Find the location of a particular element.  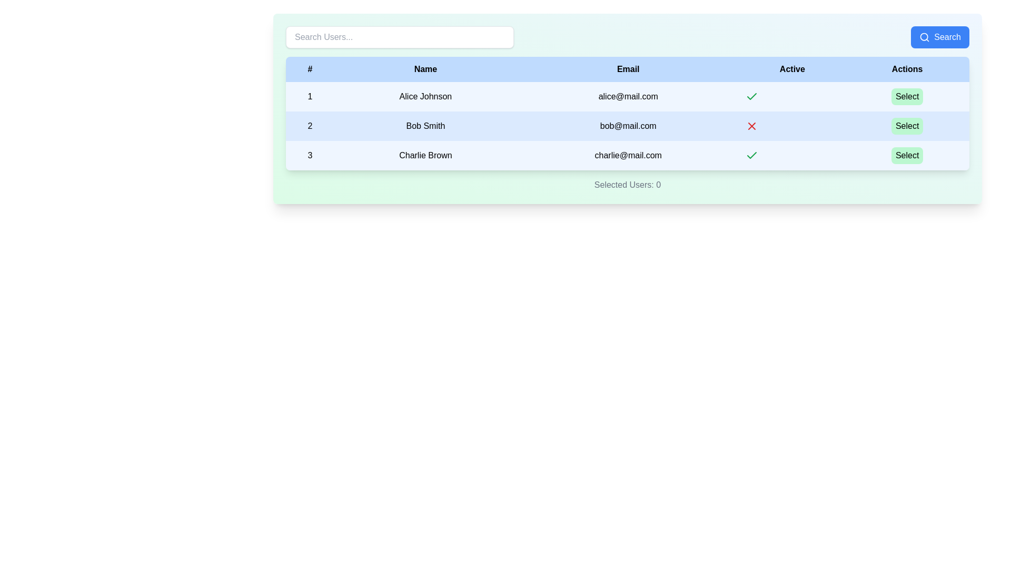

the 'Select' button with a light green background and black text corresponding to user 'Charlie Brown' in the last row of the table is located at coordinates (907, 156).